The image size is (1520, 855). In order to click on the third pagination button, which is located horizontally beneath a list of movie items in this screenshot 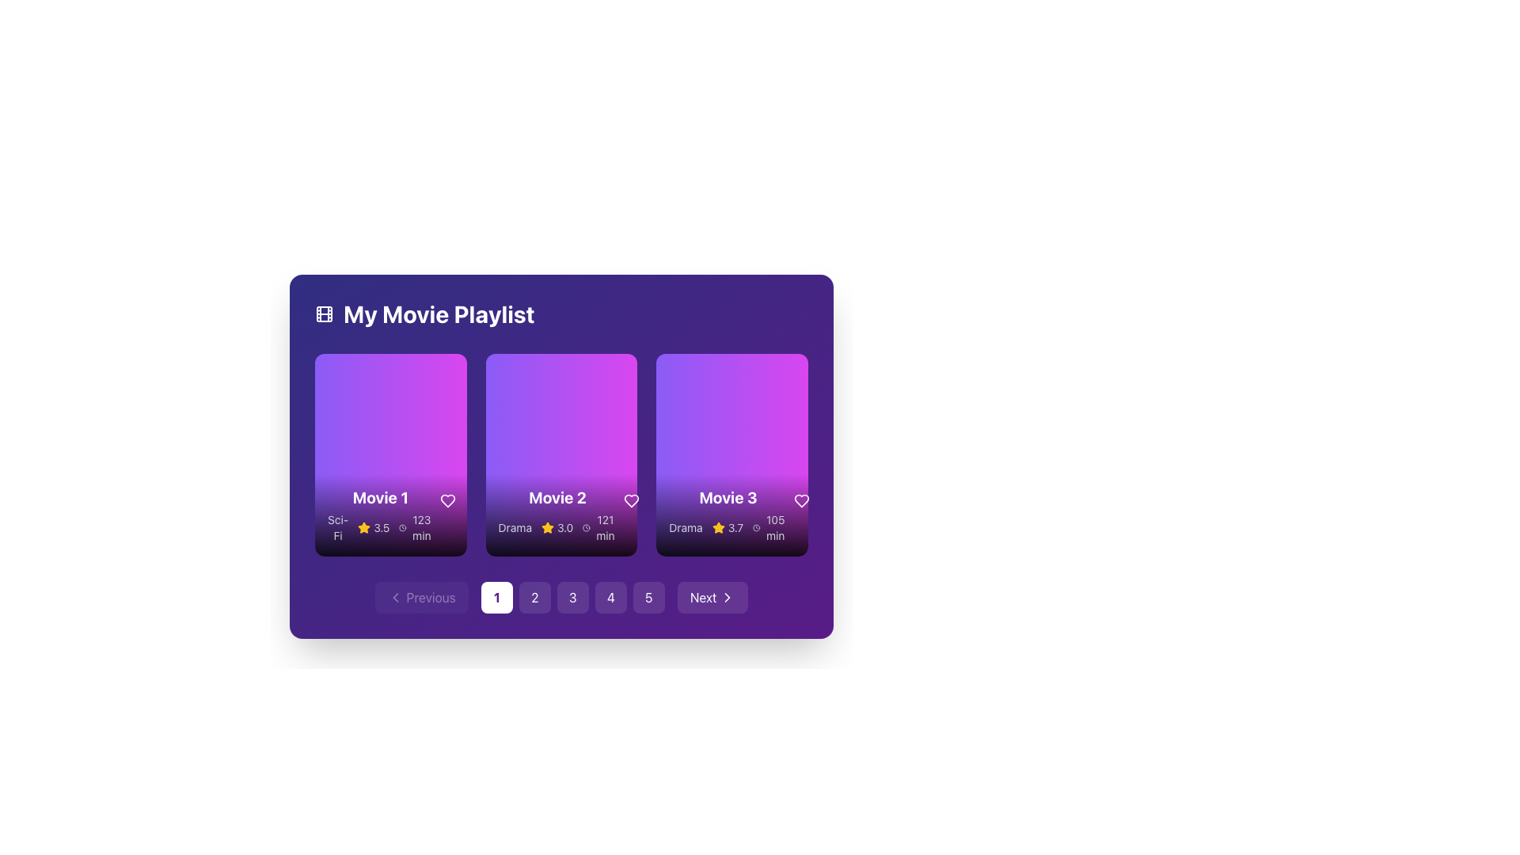, I will do `click(572, 598)`.